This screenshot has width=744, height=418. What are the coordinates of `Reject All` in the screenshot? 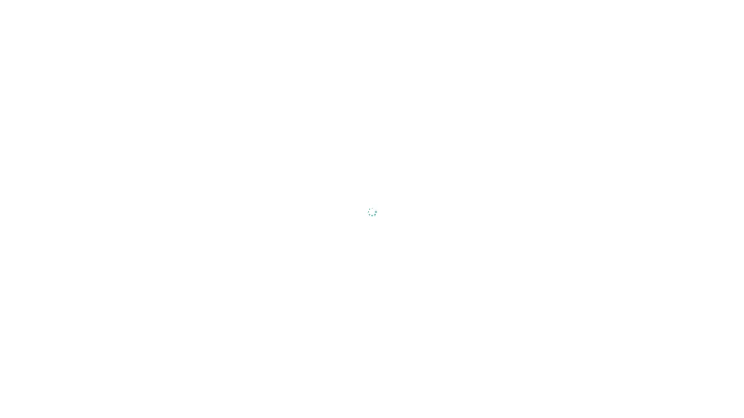 It's located at (404, 87).